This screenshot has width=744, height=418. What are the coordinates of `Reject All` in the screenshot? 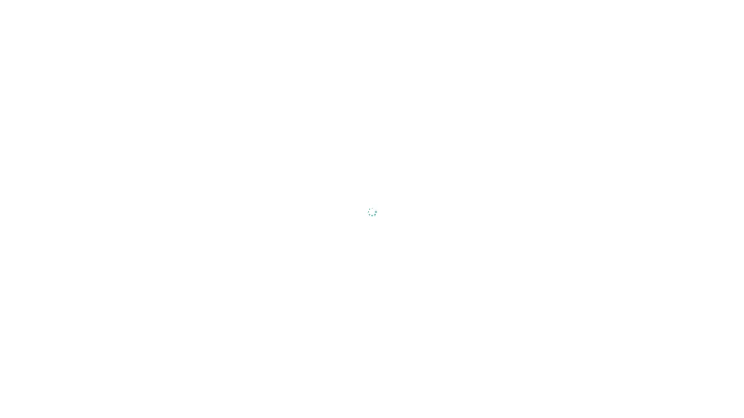 It's located at (404, 87).